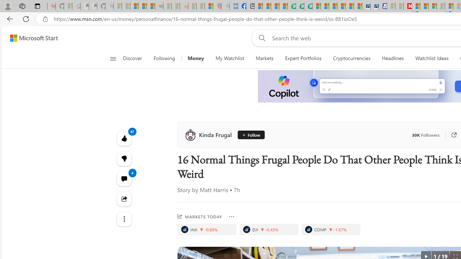 This screenshot has height=259, width=461. What do you see at coordinates (303, 58) in the screenshot?
I see `'Expert Portfolios'` at bounding box center [303, 58].